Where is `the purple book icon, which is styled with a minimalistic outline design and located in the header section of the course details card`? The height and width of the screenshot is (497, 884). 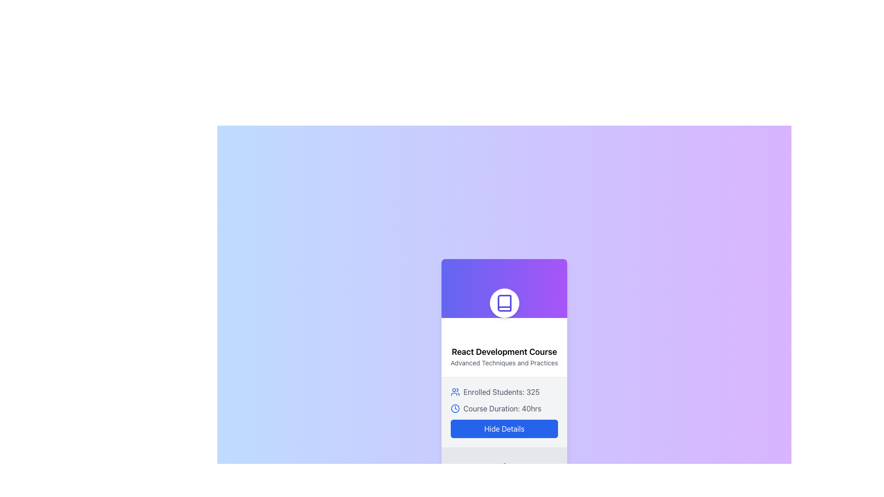
the purple book icon, which is styled with a minimalistic outline design and located in the header section of the course details card is located at coordinates (504, 303).